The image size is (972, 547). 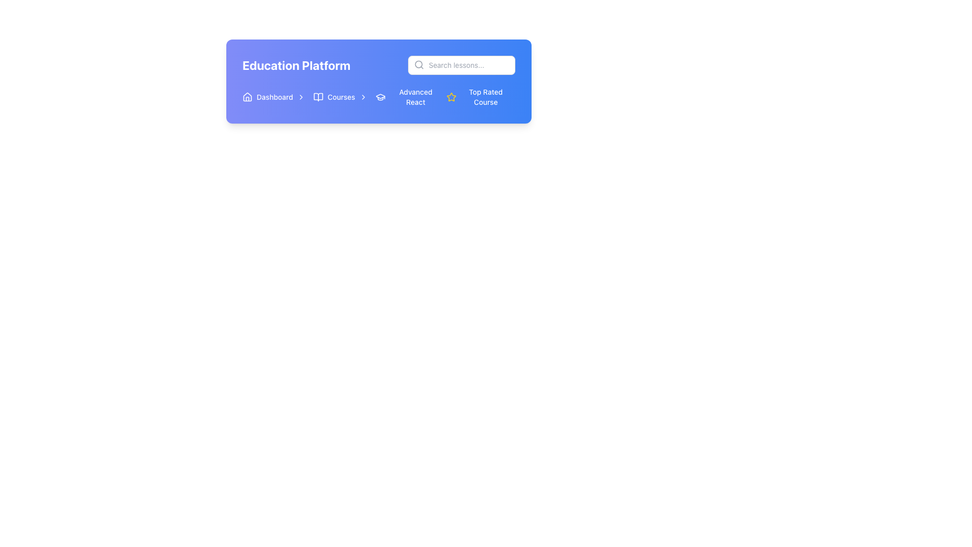 I want to click on the 'Courses' navigation link, which features an open book icon on the left, white text, and a right-pointing arrow, located centrally in a horizontal navigation bar, so click(x=340, y=97).